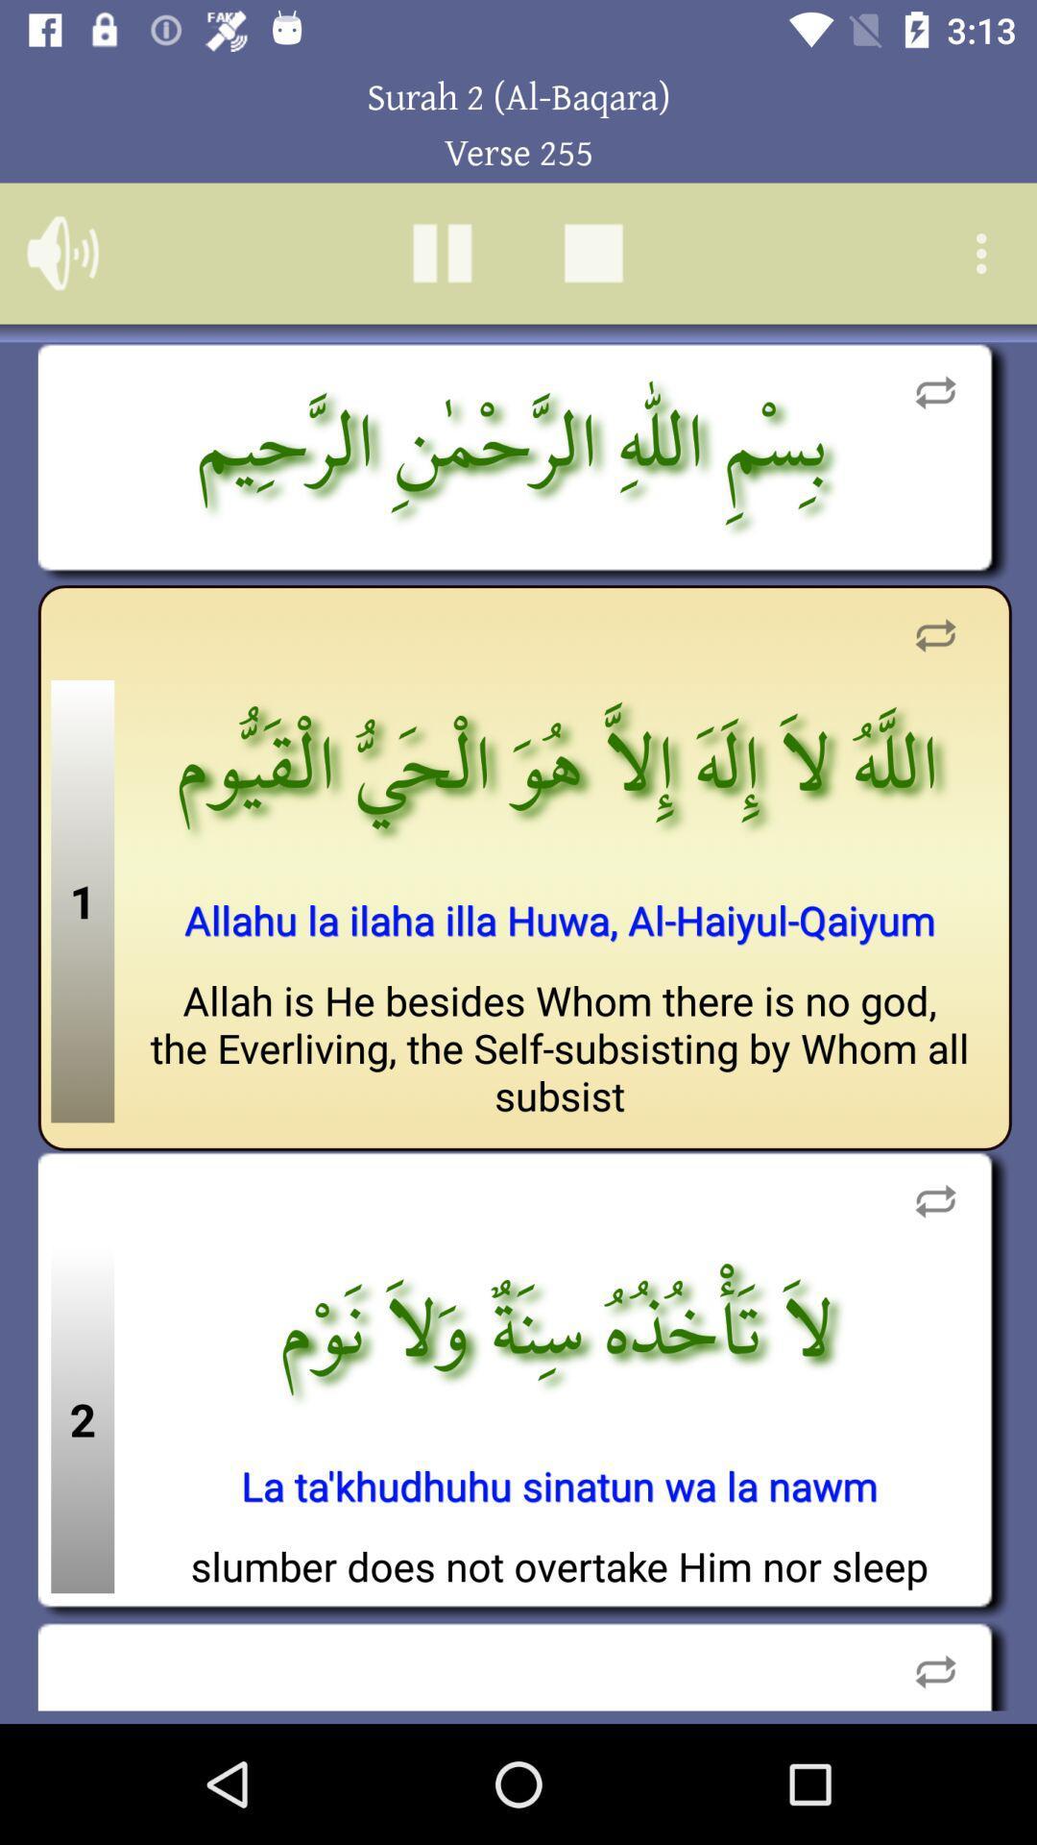  I want to click on sound, so click(61, 252).